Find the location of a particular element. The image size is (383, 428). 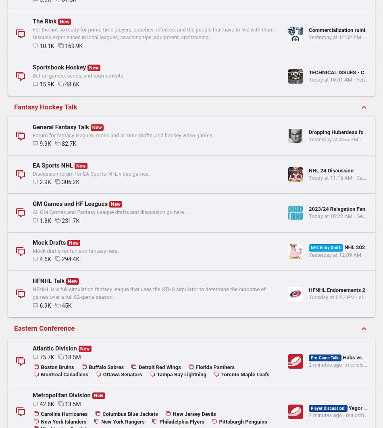

'Today at 11:15 AM' is located at coordinates (194, 324).